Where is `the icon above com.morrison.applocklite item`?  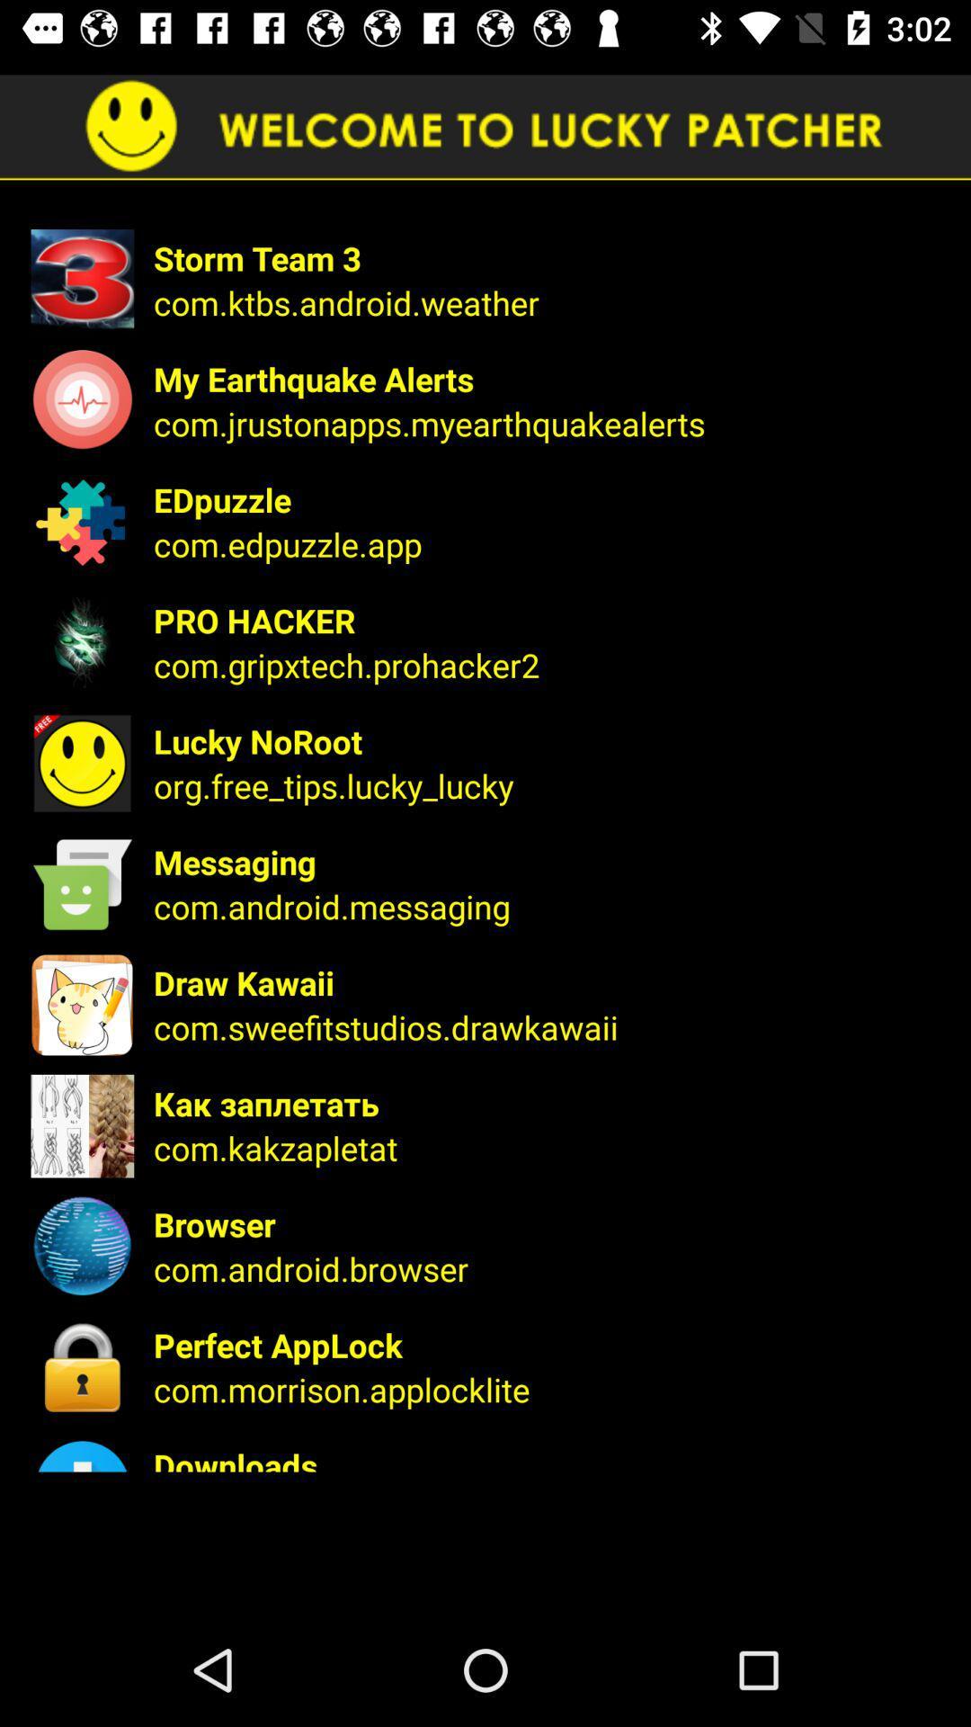
the icon above com.morrison.applocklite item is located at coordinates (549, 1345).